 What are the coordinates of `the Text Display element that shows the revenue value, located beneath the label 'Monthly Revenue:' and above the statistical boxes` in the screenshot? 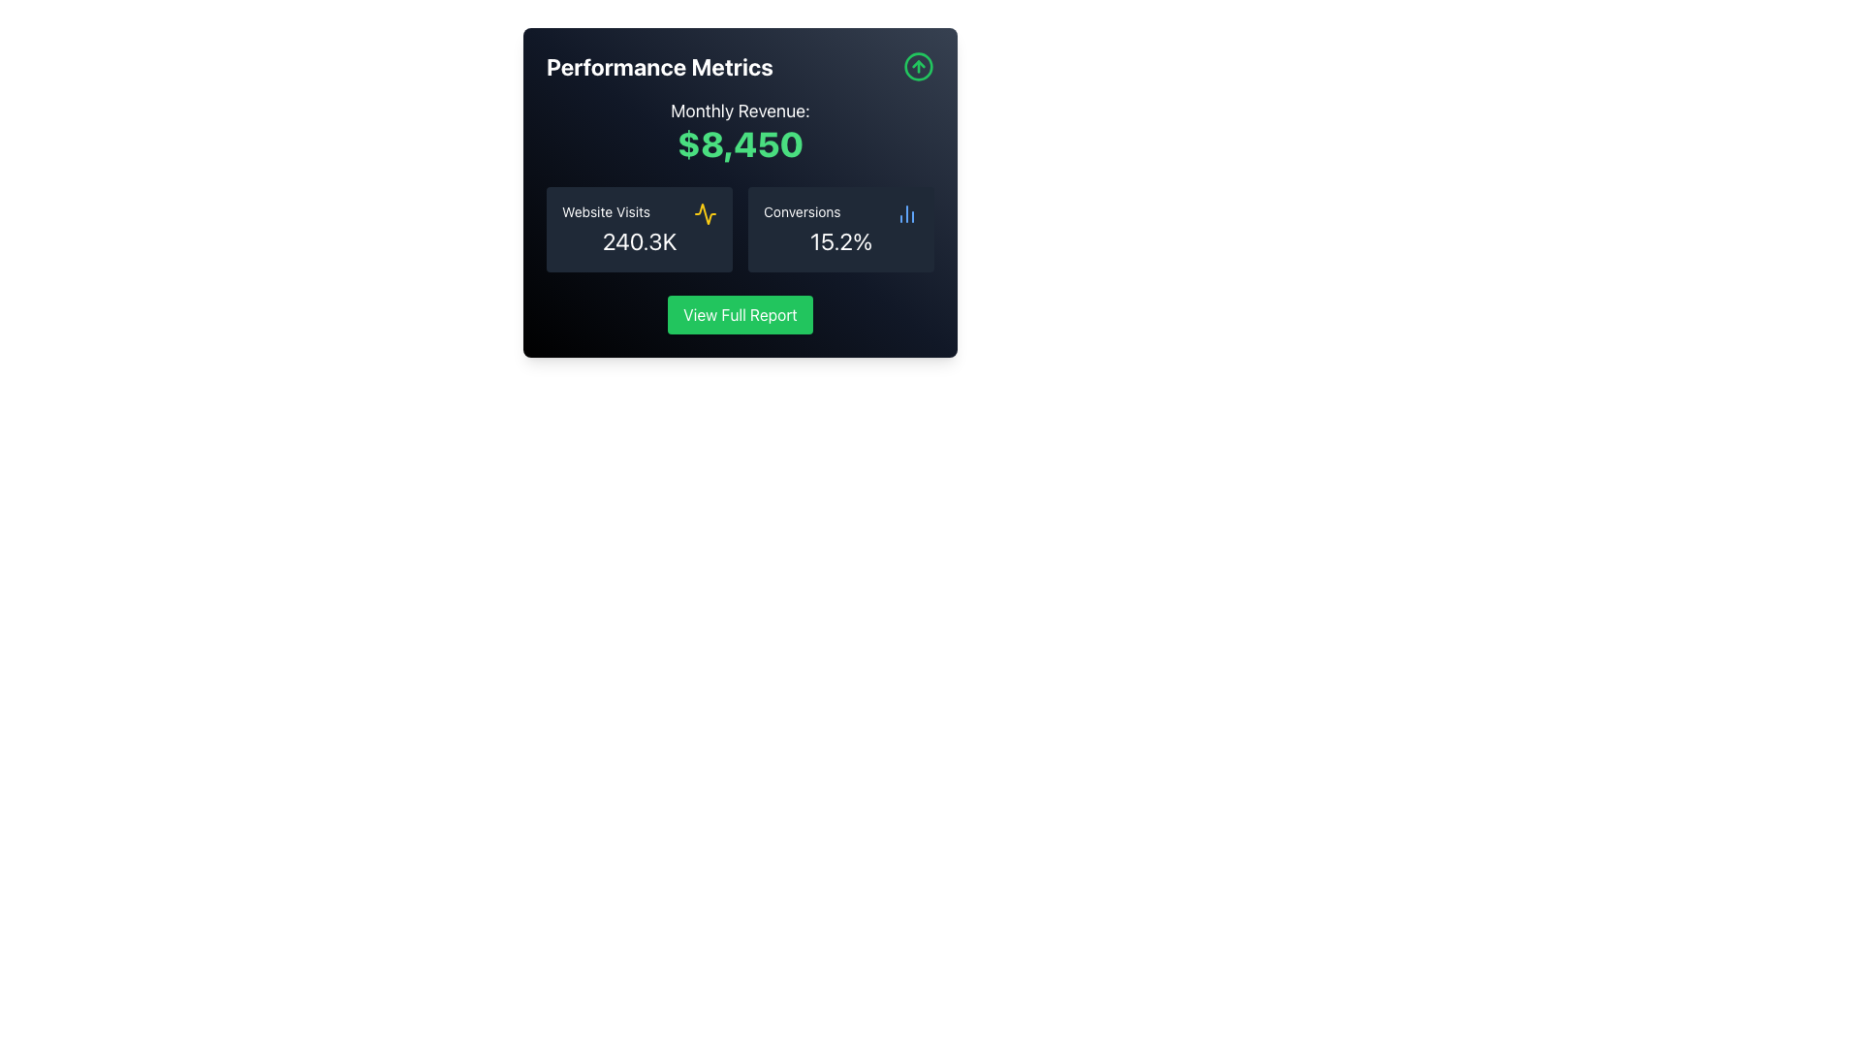 It's located at (739, 143).